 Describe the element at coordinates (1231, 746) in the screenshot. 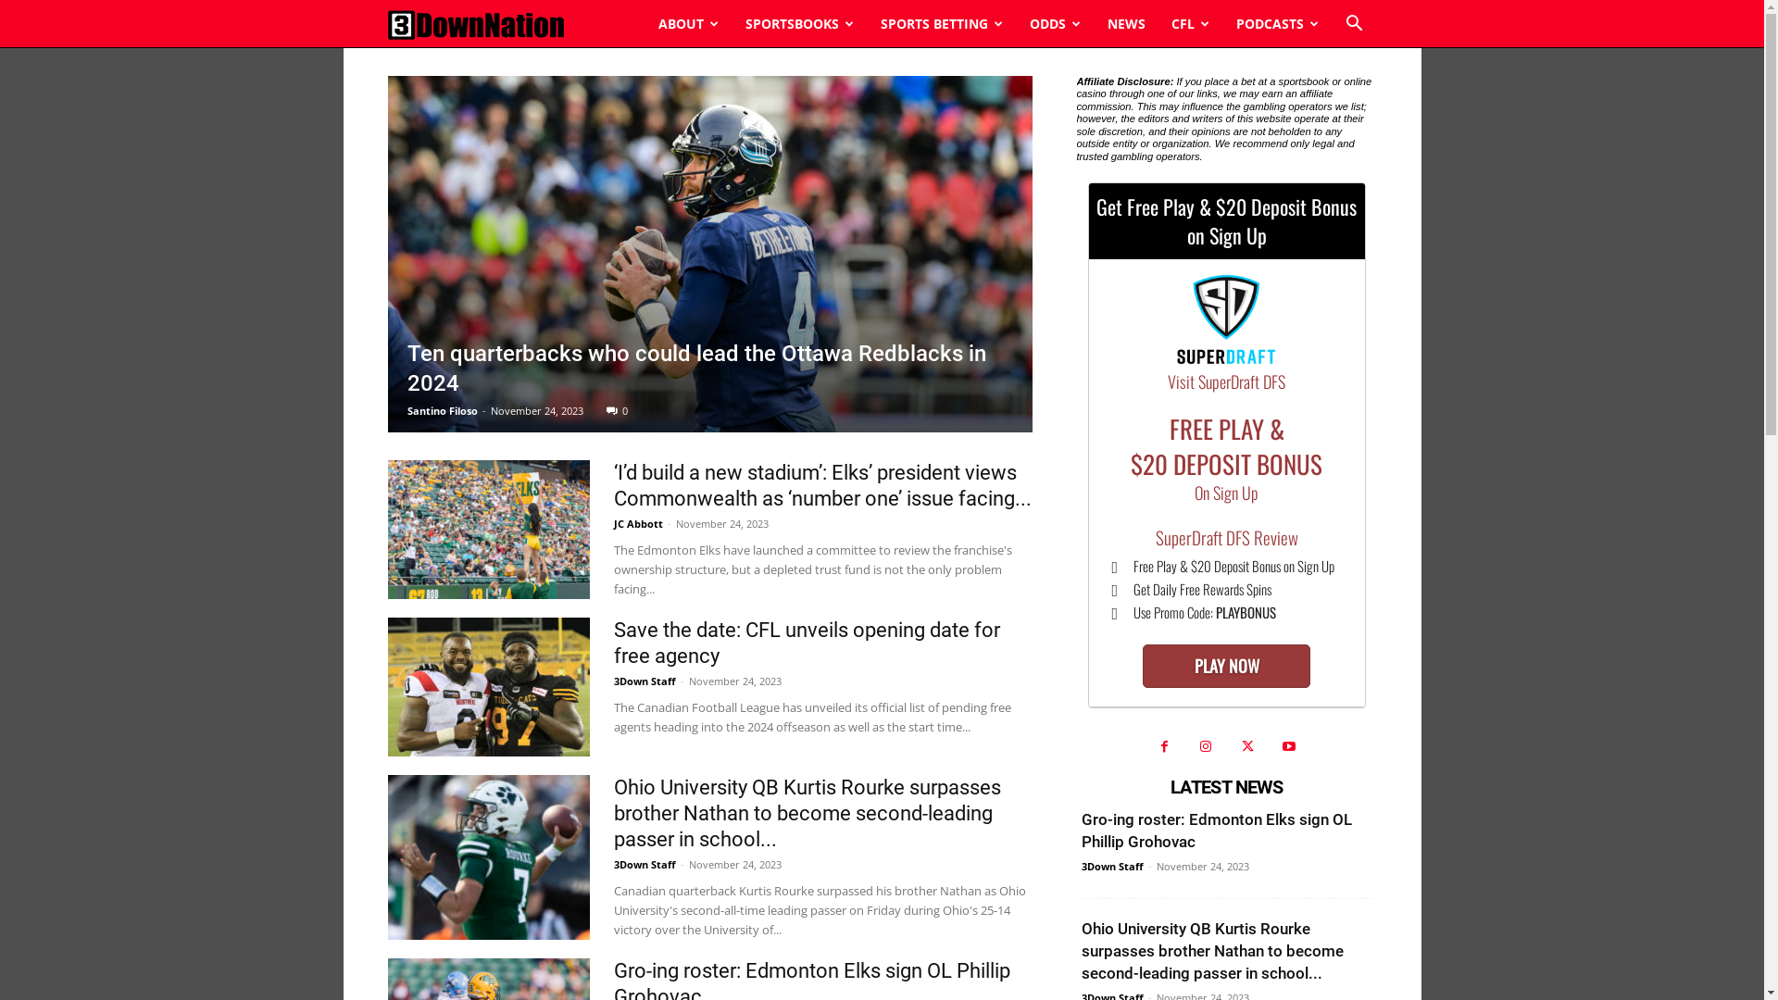

I see `'Twitter'` at that location.